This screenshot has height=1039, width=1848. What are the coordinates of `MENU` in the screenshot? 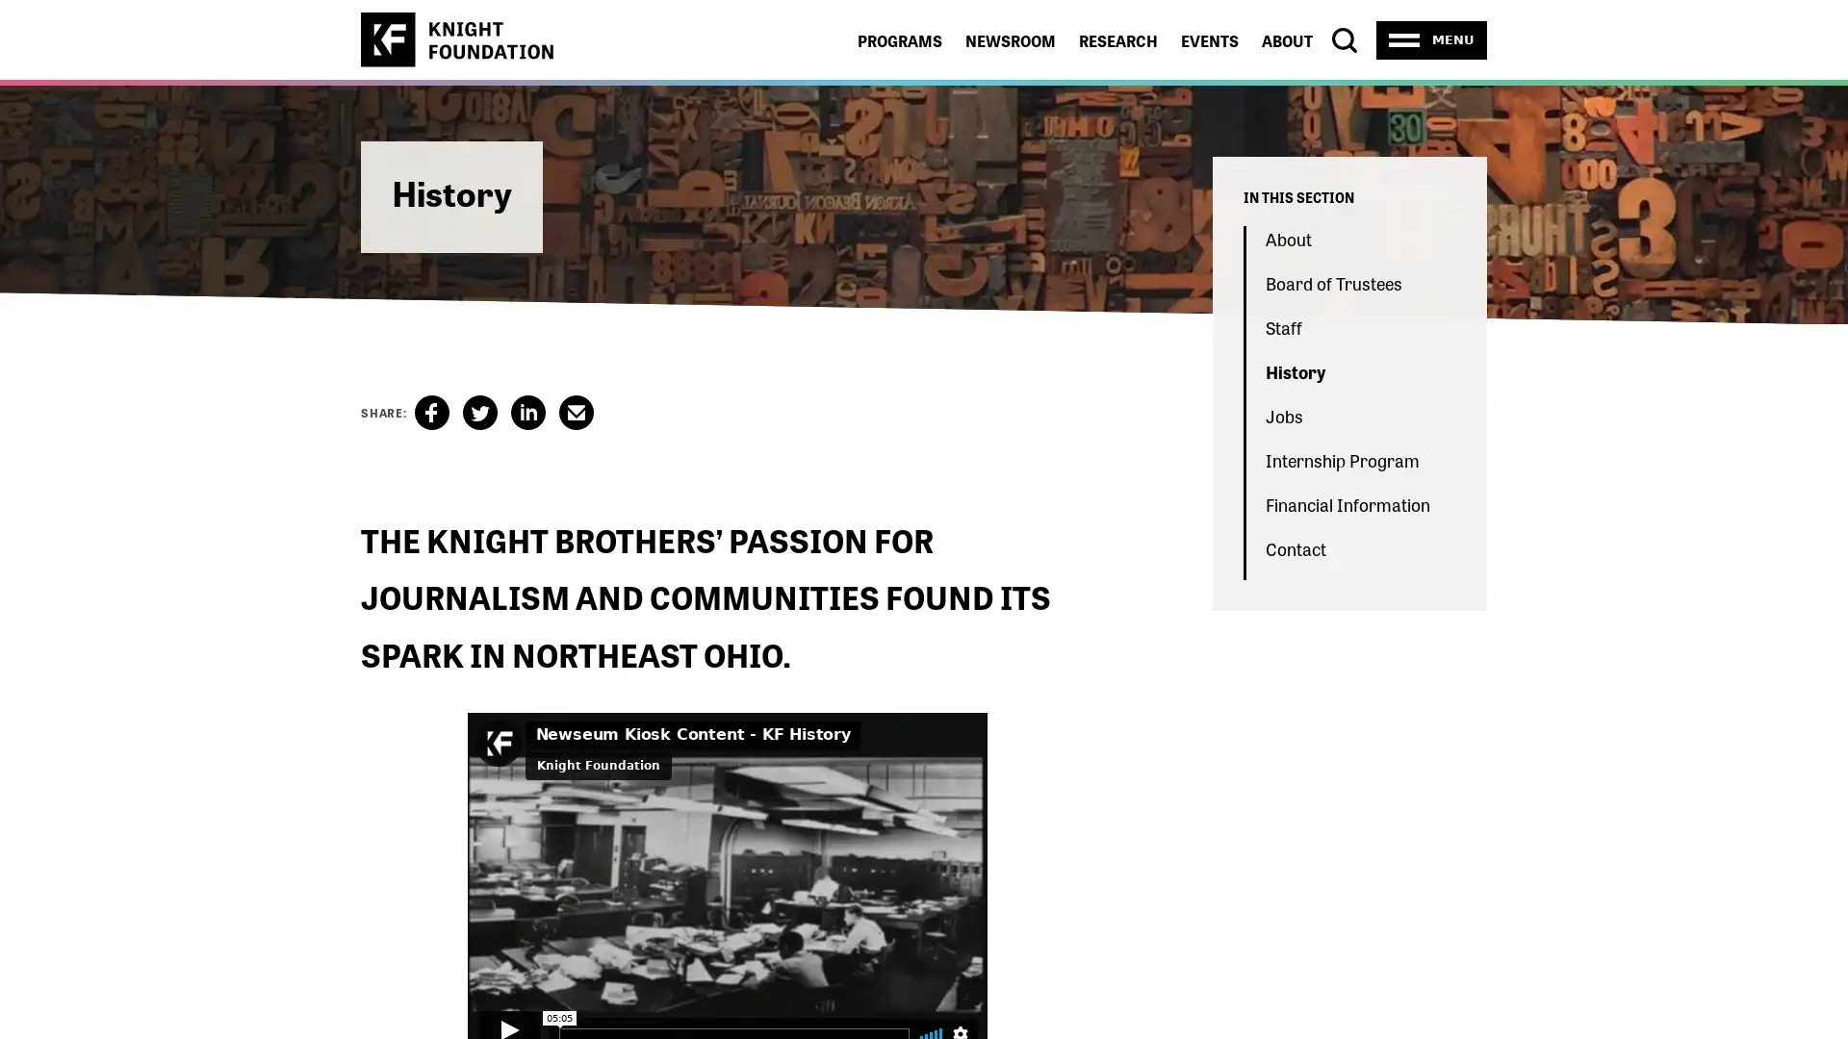 It's located at (1431, 39).